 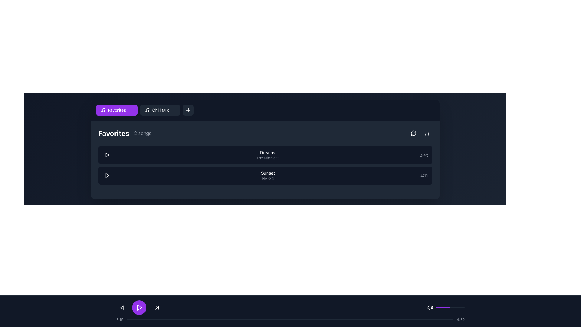 I want to click on the first song entry, so click(x=265, y=155).